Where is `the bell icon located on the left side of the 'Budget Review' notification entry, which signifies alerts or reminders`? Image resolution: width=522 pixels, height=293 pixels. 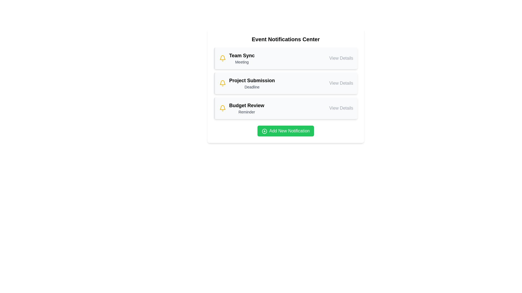
the bell icon located on the left side of the 'Budget Review' notification entry, which signifies alerts or reminders is located at coordinates (223, 108).